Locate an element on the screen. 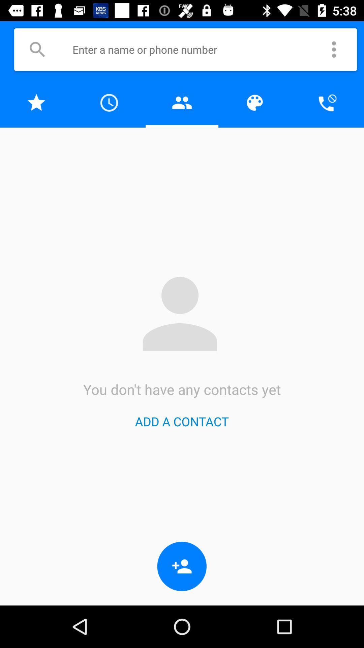  call history is located at coordinates (109, 102).